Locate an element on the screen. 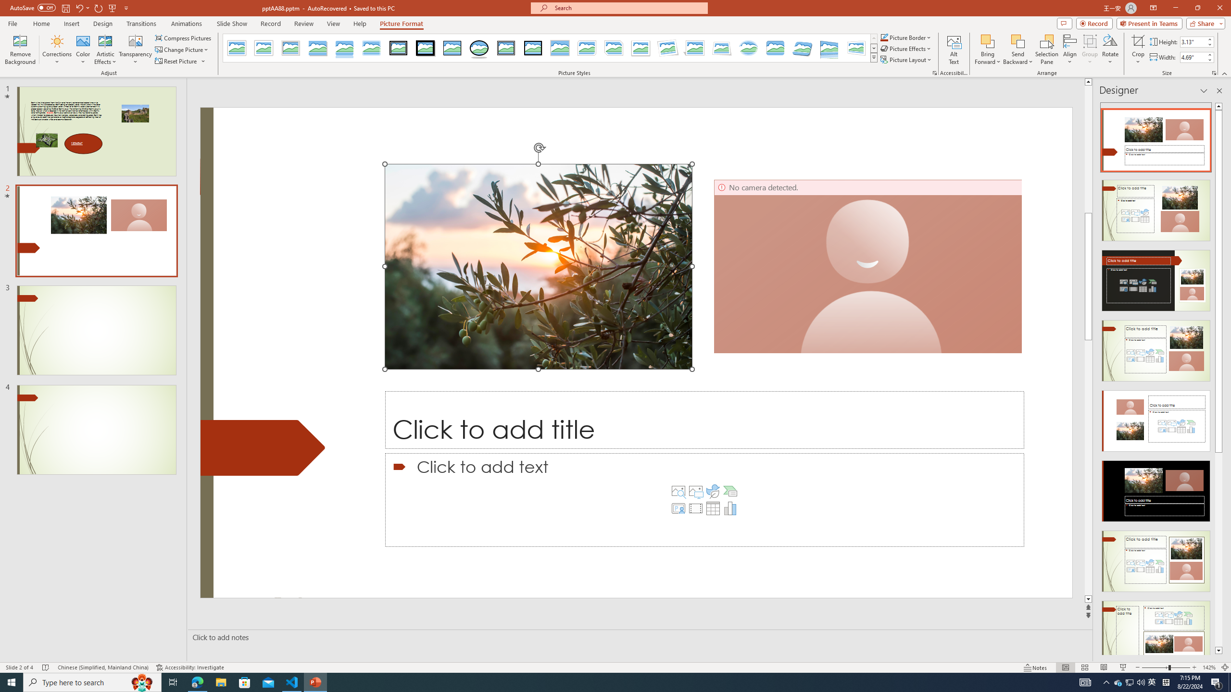 Image resolution: width=1231 pixels, height=692 pixels. 'Compress Pictures...' is located at coordinates (184, 37).